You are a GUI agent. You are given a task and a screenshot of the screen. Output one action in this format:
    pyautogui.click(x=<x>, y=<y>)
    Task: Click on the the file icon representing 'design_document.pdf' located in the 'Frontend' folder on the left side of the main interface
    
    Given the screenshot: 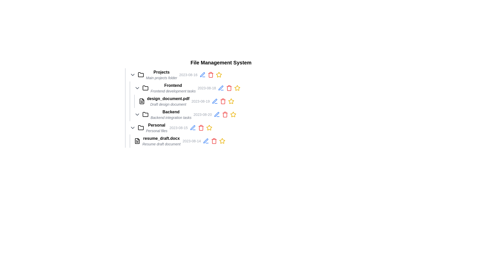 What is the action you would take?
    pyautogui.click(x=142, y=101)
    